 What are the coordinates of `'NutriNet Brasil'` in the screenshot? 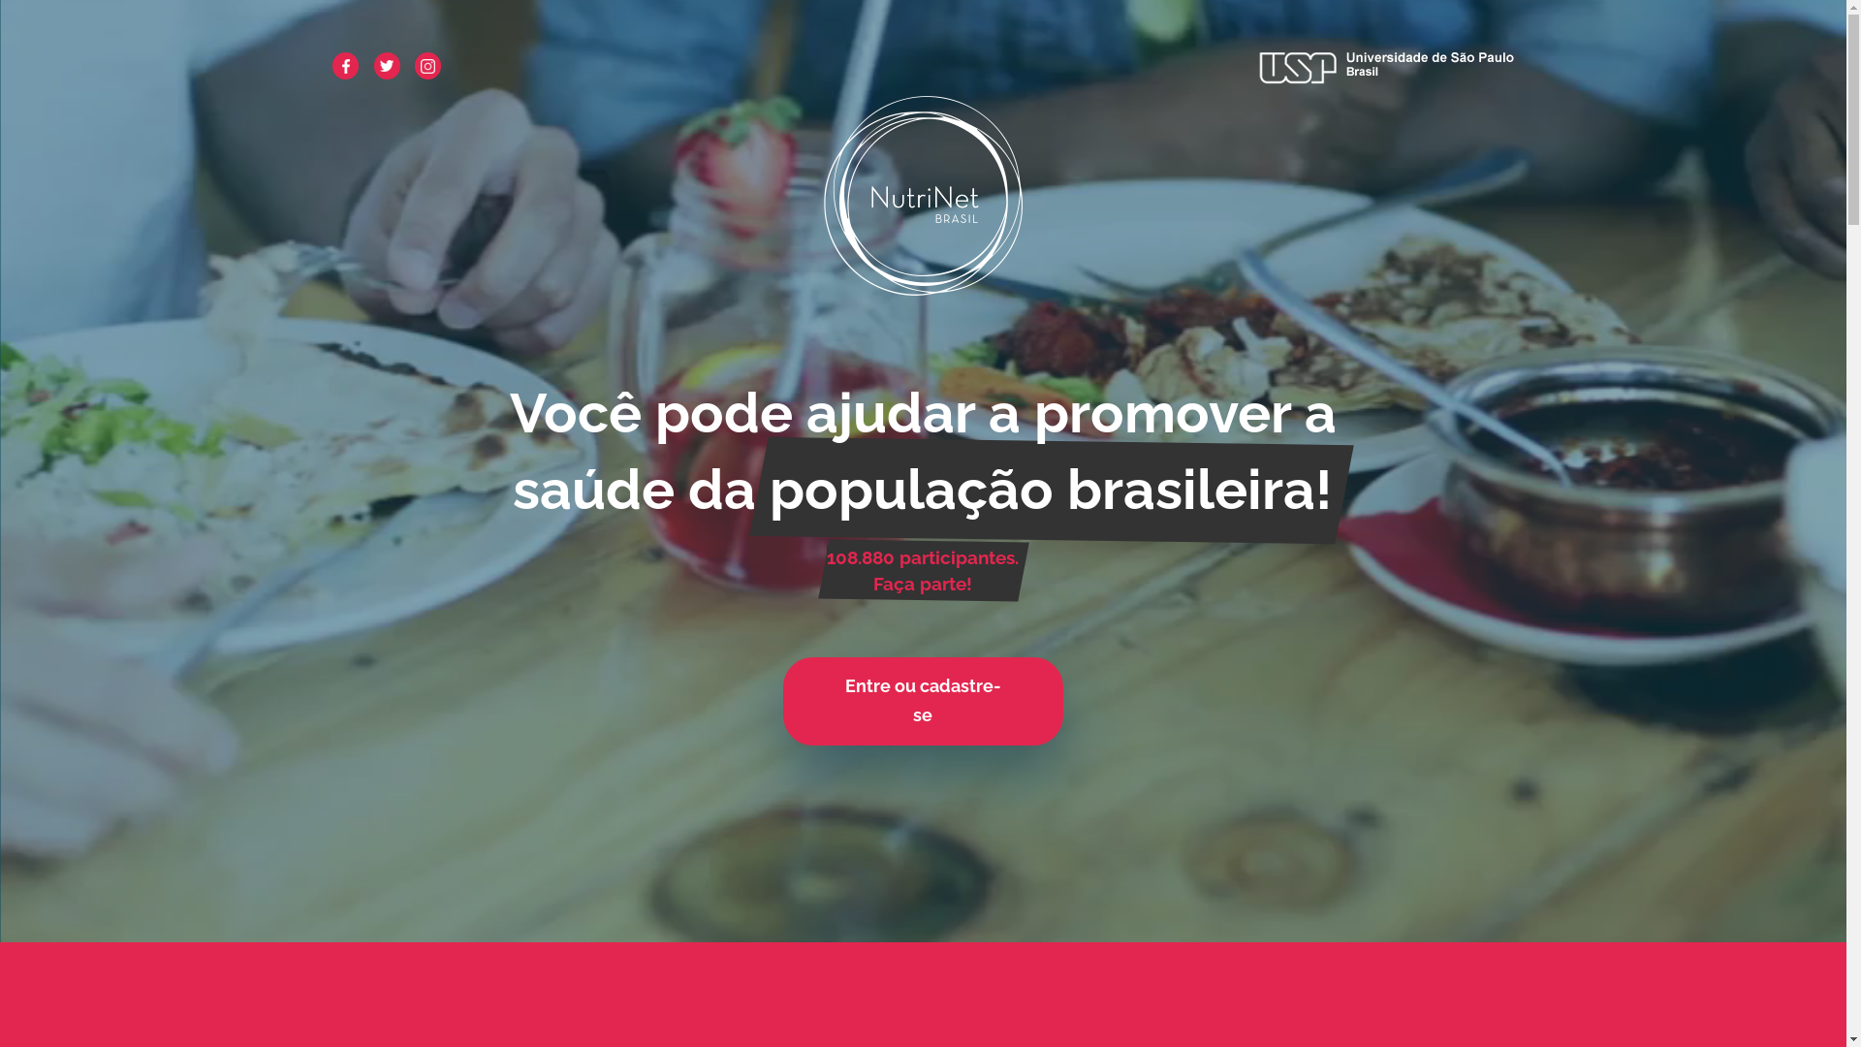 It's located at (922, 195).